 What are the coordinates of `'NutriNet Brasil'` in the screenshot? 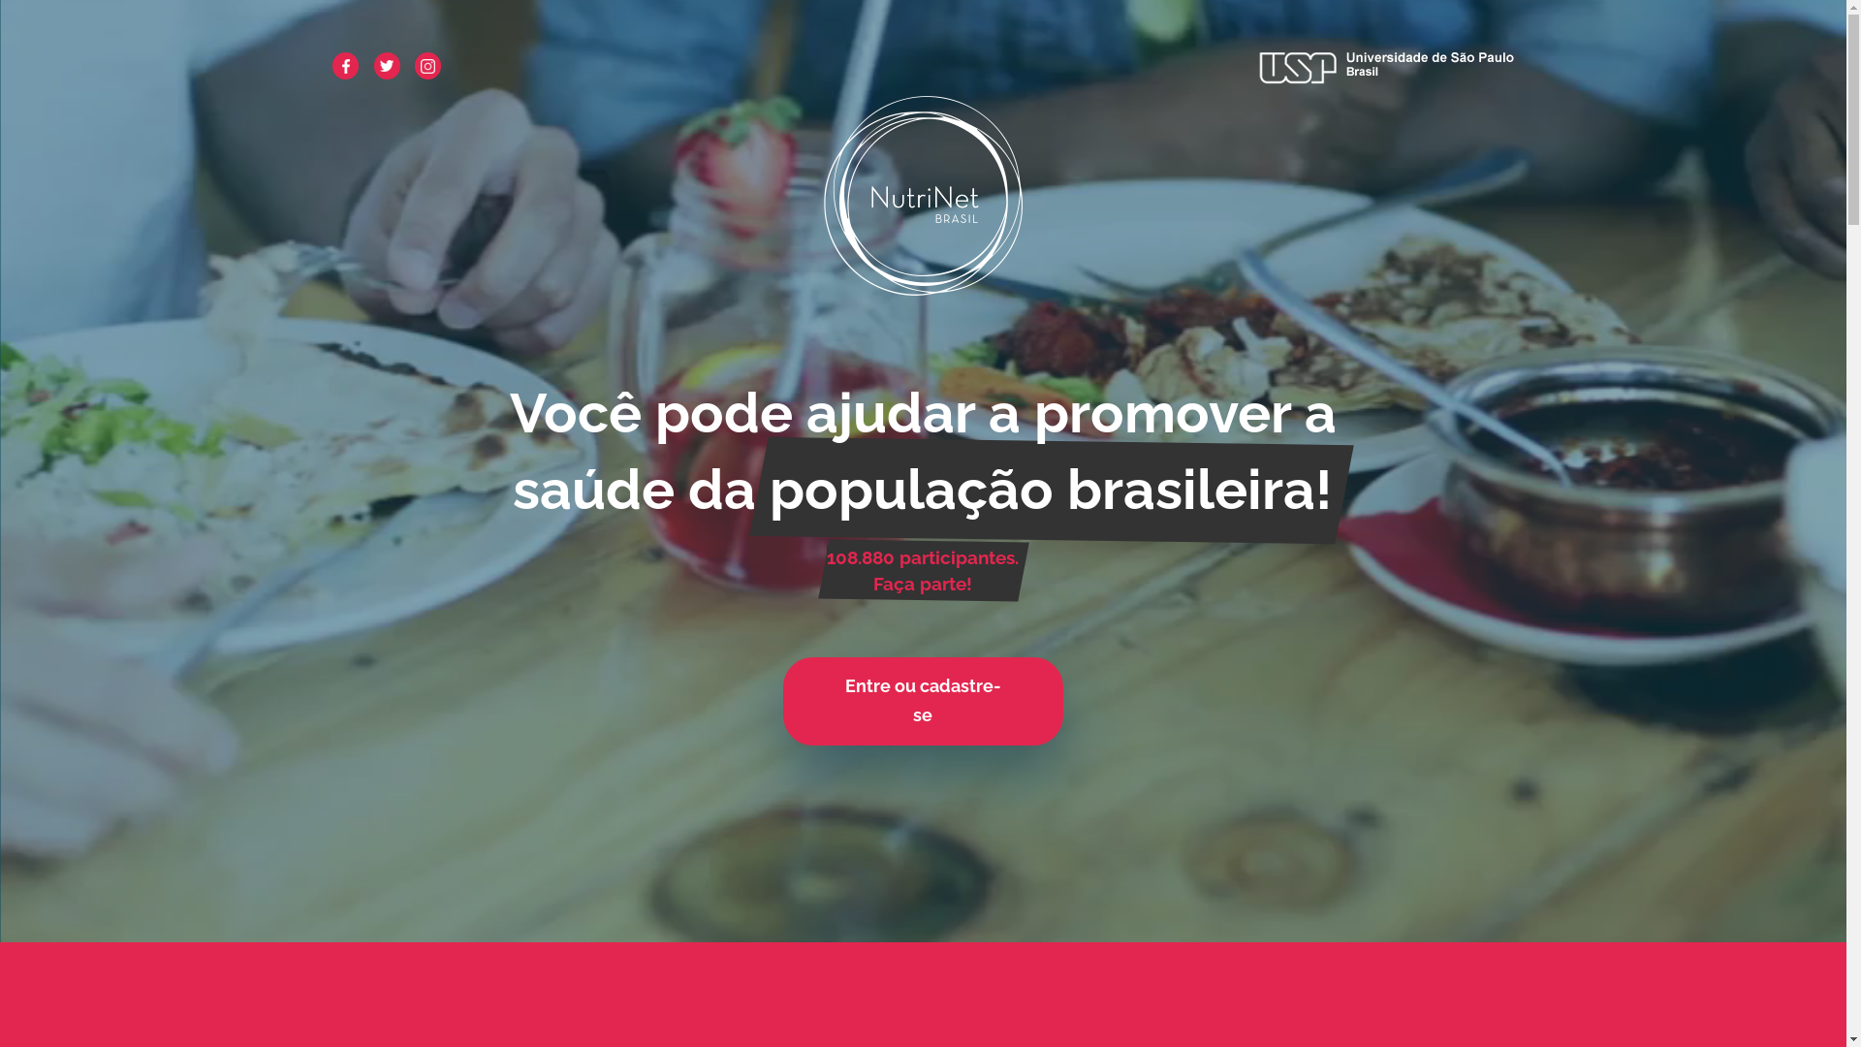 It's located at (922, 195).